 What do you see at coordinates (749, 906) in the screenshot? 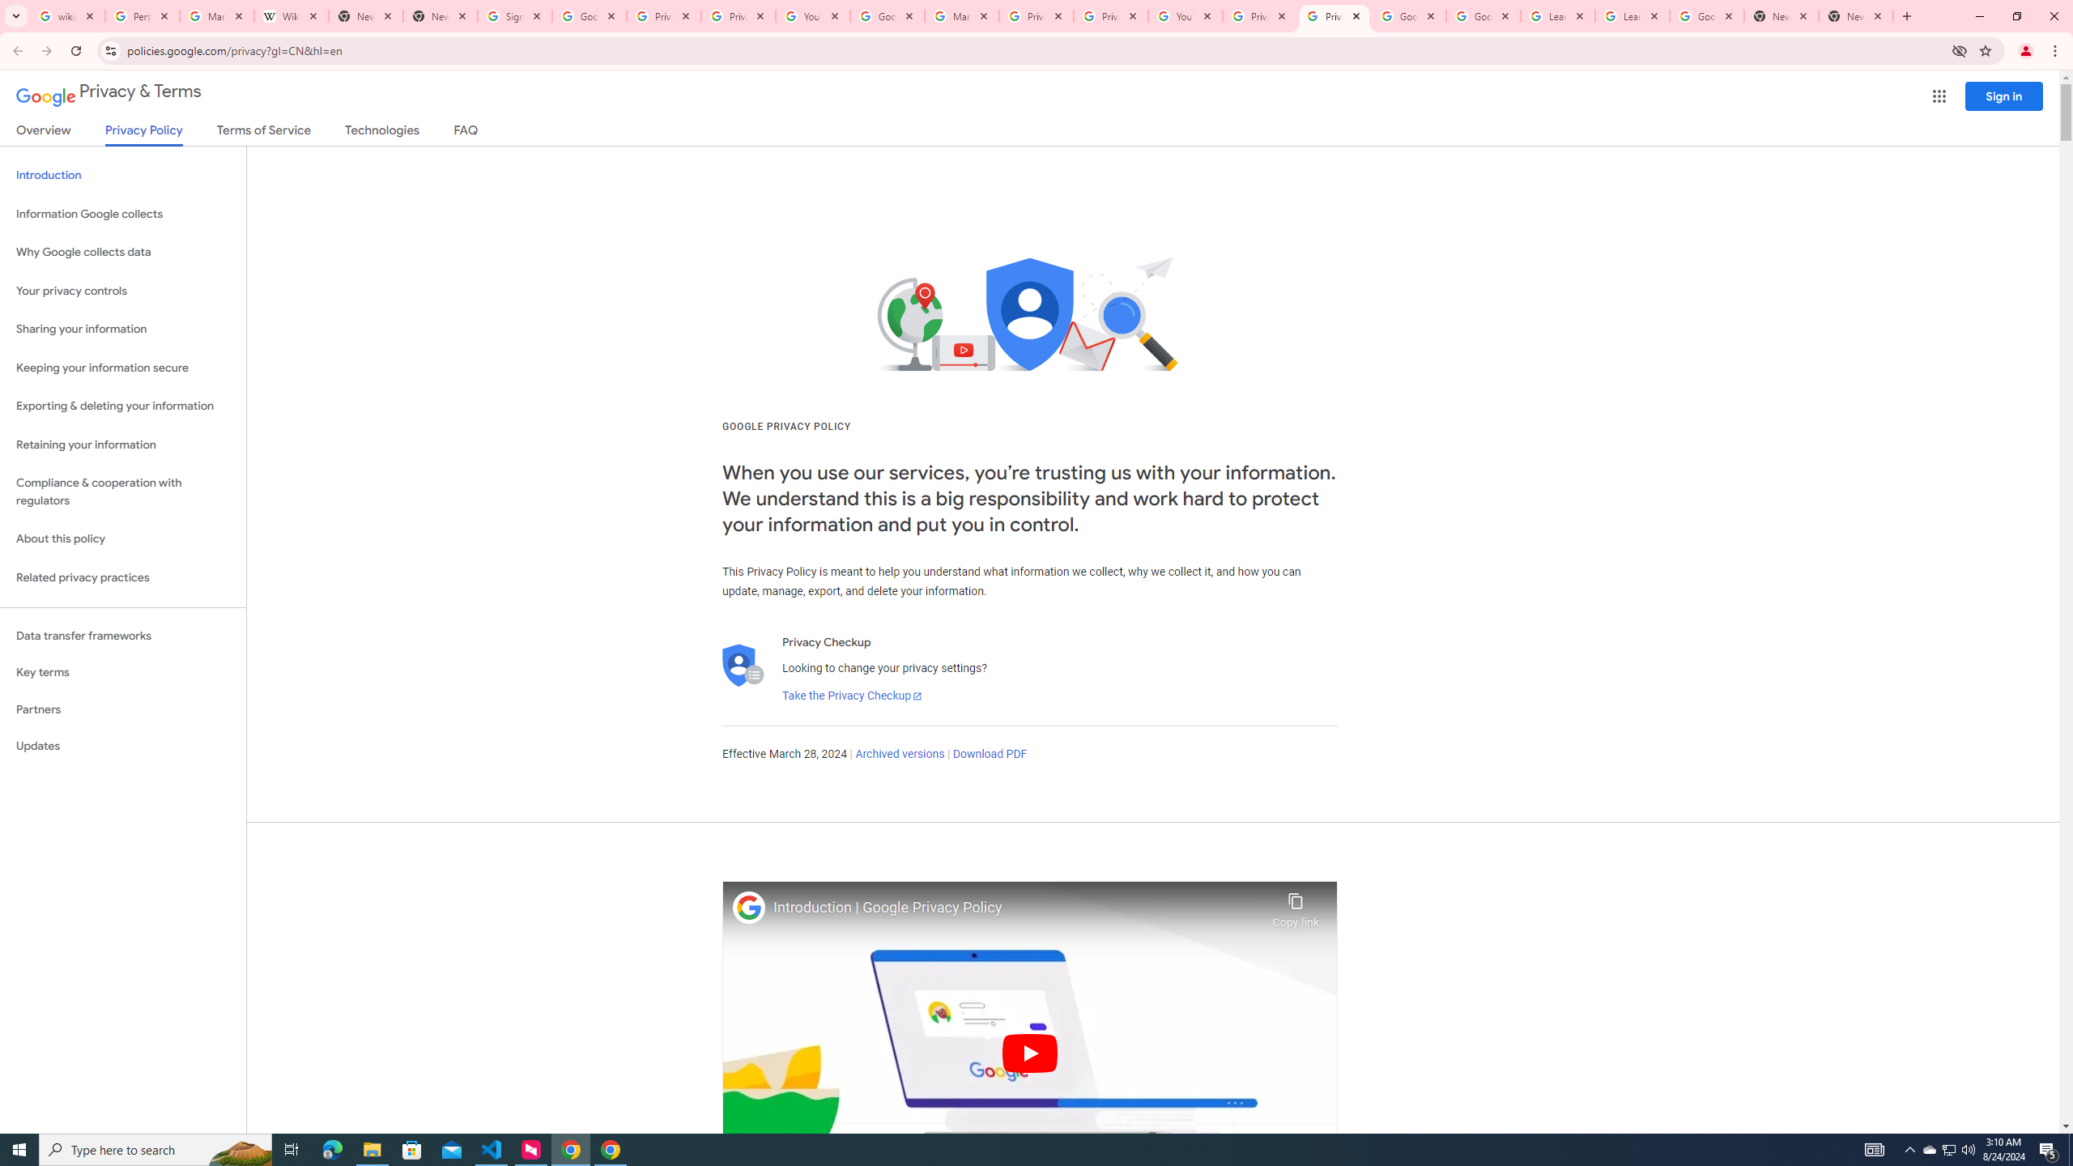
I see `'Photo image of Google'` at bounding box center [749, 906].